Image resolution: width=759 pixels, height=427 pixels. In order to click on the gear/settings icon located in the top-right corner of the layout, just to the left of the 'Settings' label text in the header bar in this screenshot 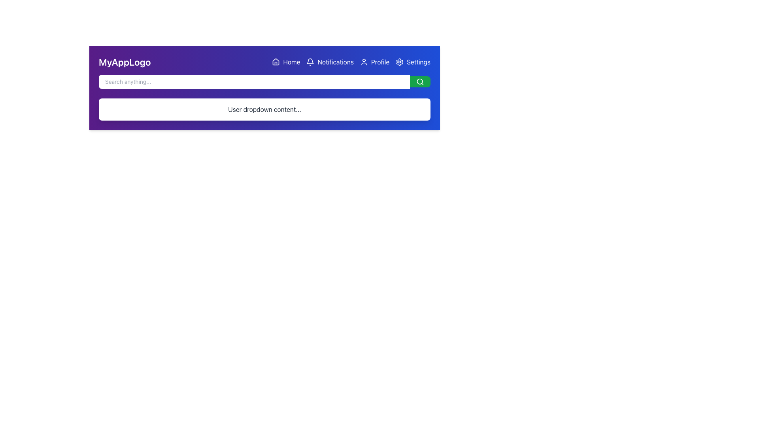, I will do `click(400, 62)`.